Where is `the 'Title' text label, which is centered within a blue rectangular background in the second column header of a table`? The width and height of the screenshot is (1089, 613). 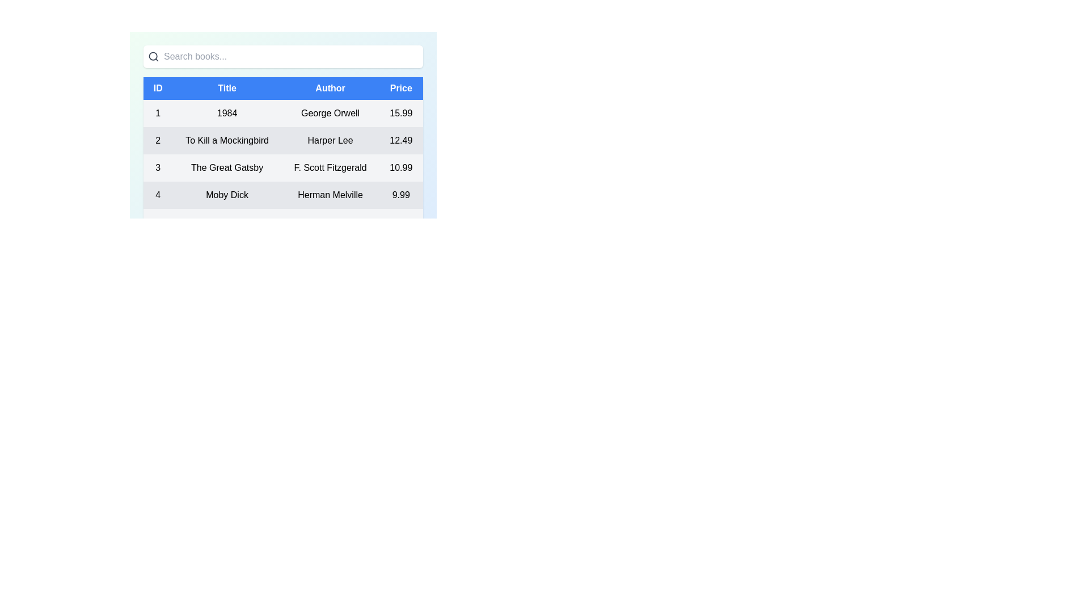
the 'Title' text label, which is centered within a blue rectangular background in the second column header of a table is located at coordinates (227, 87).